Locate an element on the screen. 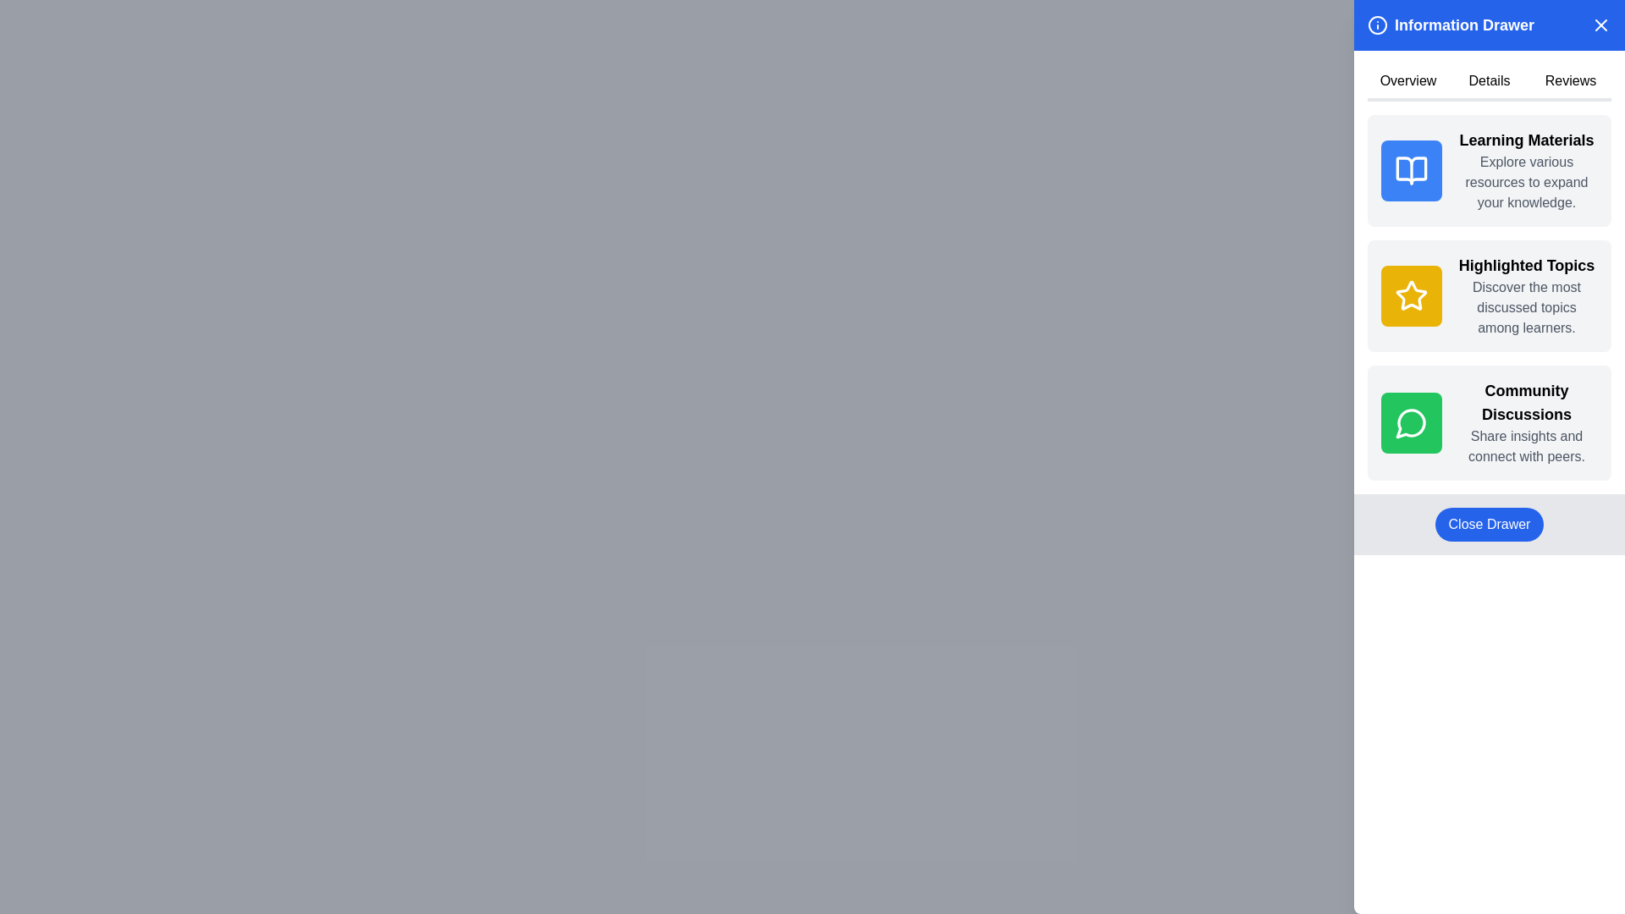  the close icon button located at the top-right corner of the 'Information Drawer' section is located at coordinates (1600, 25).